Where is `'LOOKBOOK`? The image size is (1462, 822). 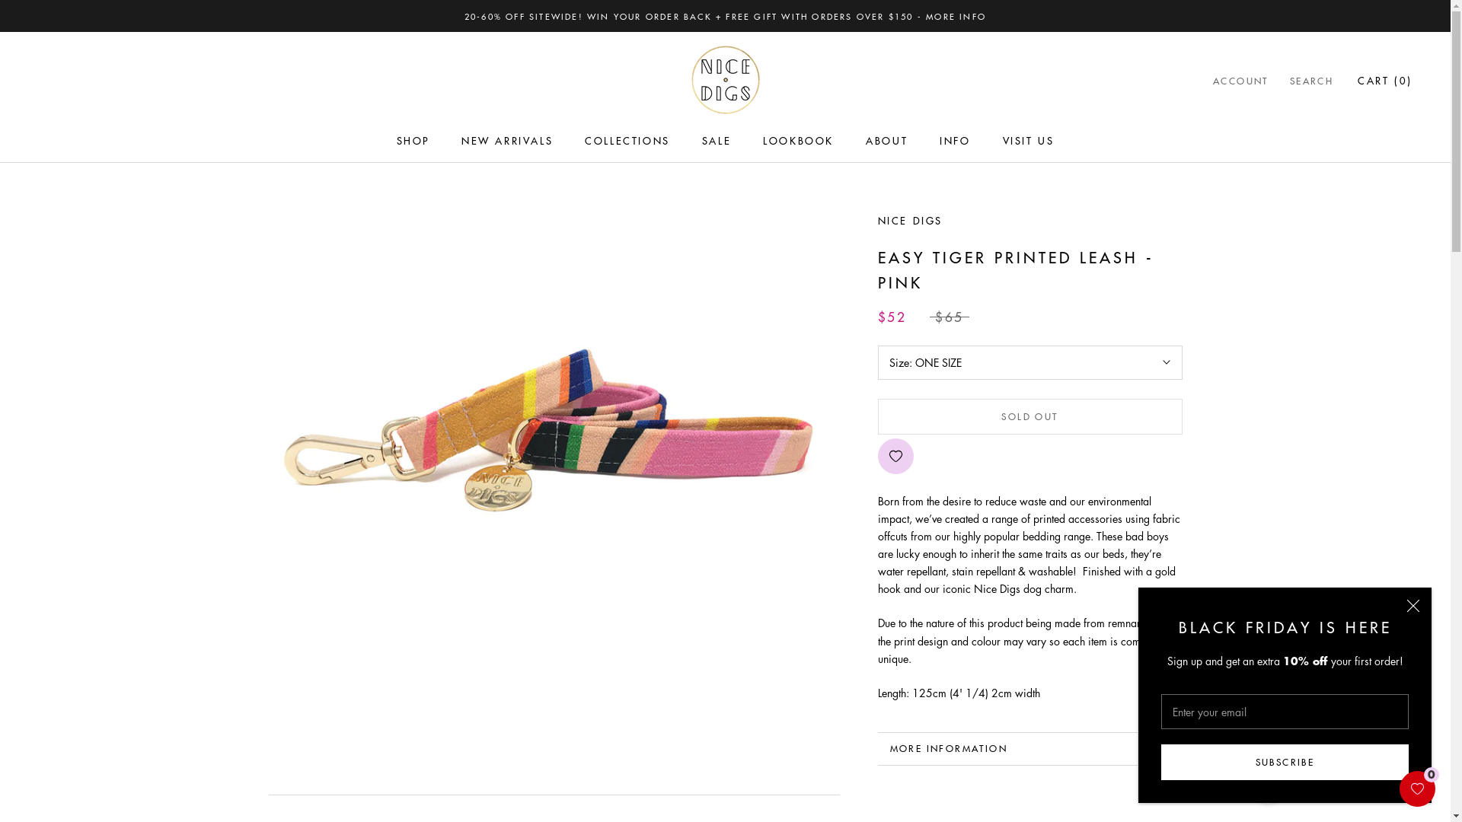
'LOOKBOOK is located at coordinates (797, 140).